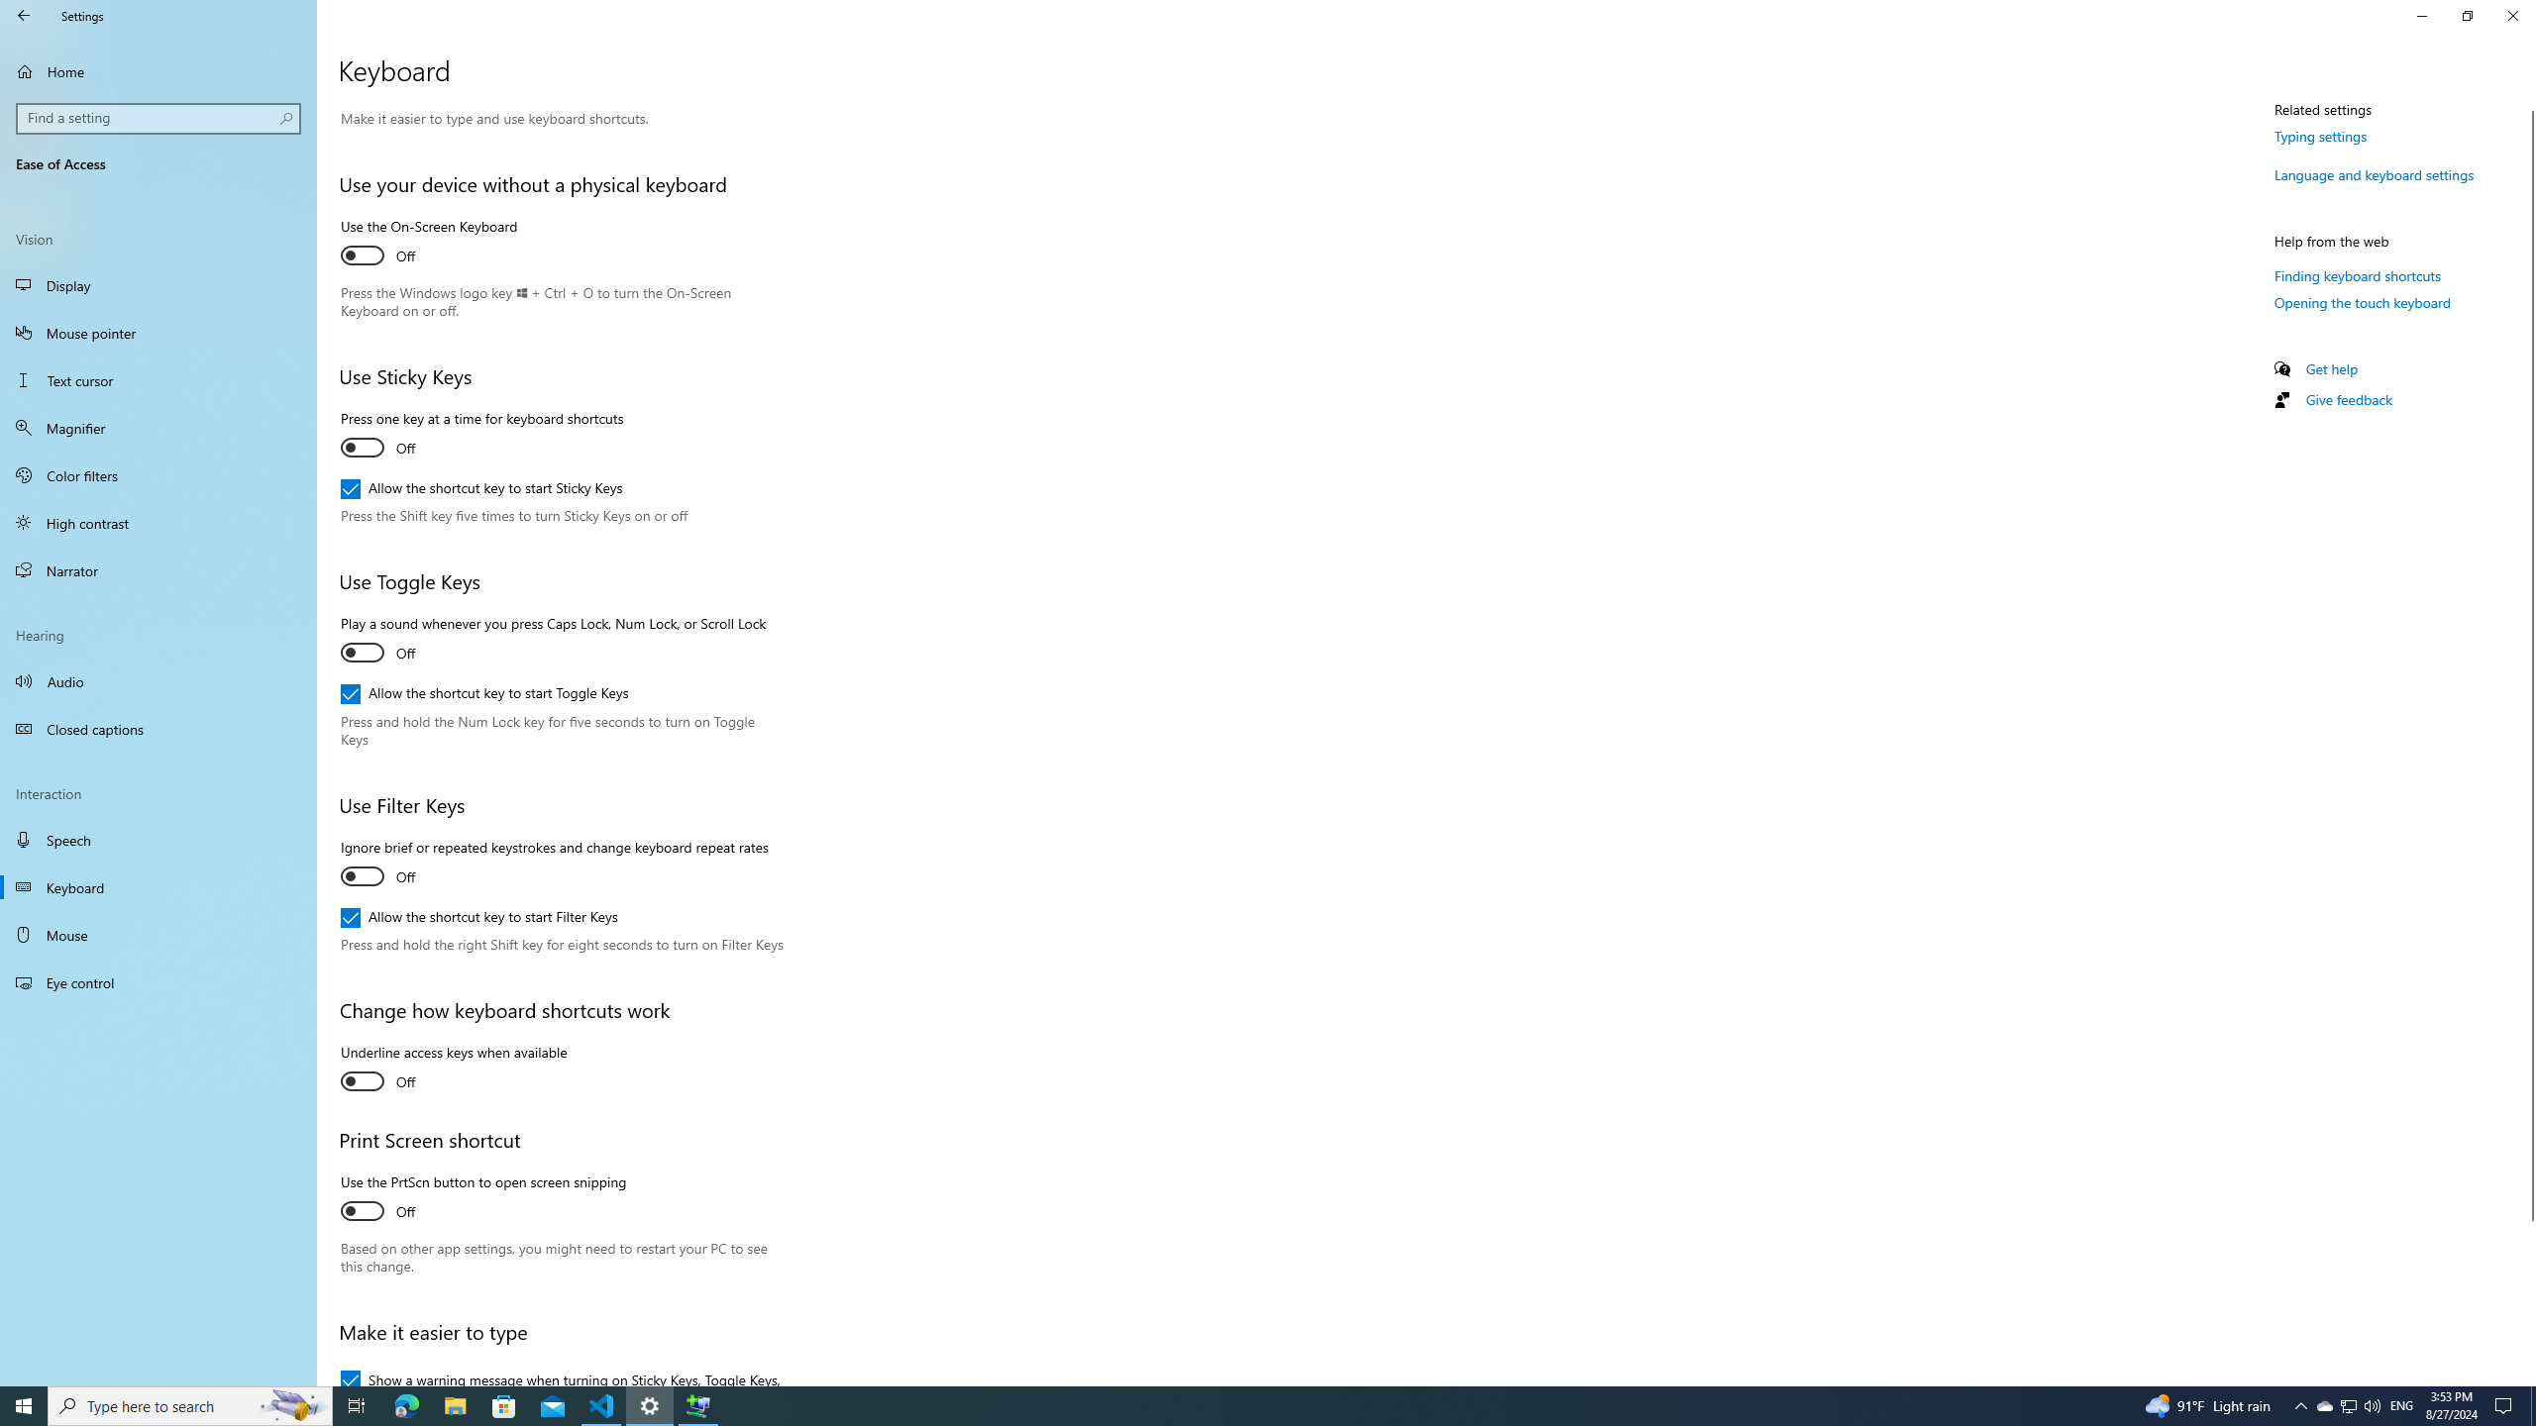 This screenshot has height=1426, width=2536. I want to click on 'Type here to search', so click(189, 1404).